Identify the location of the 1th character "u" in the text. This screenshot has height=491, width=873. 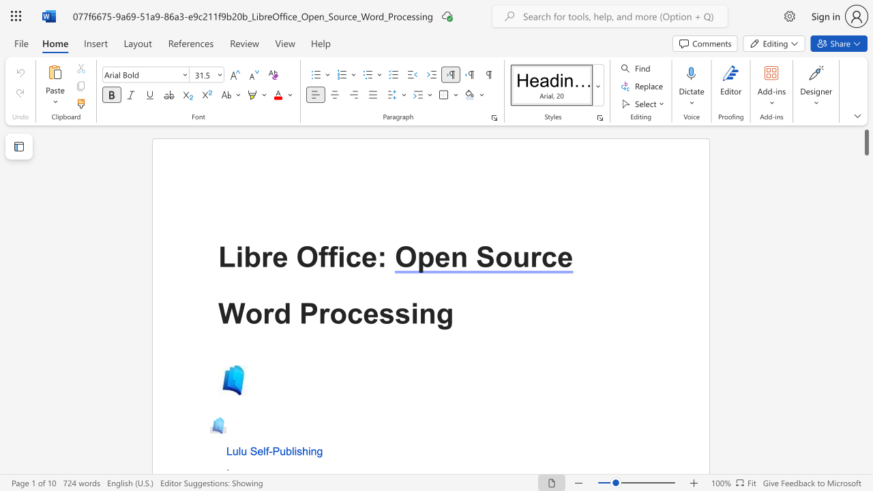
(235, 451).